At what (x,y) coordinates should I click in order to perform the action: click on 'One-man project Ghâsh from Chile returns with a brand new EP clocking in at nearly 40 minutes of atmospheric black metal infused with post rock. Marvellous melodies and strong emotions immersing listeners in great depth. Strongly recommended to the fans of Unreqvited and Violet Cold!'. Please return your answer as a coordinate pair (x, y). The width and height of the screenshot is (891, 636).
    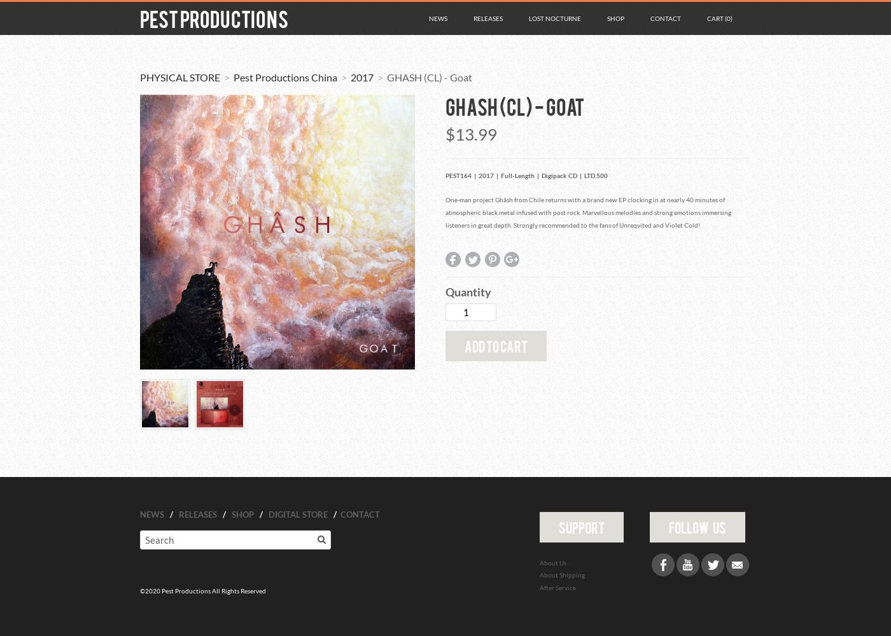
    Looking at the image, I should click on (588, 212).